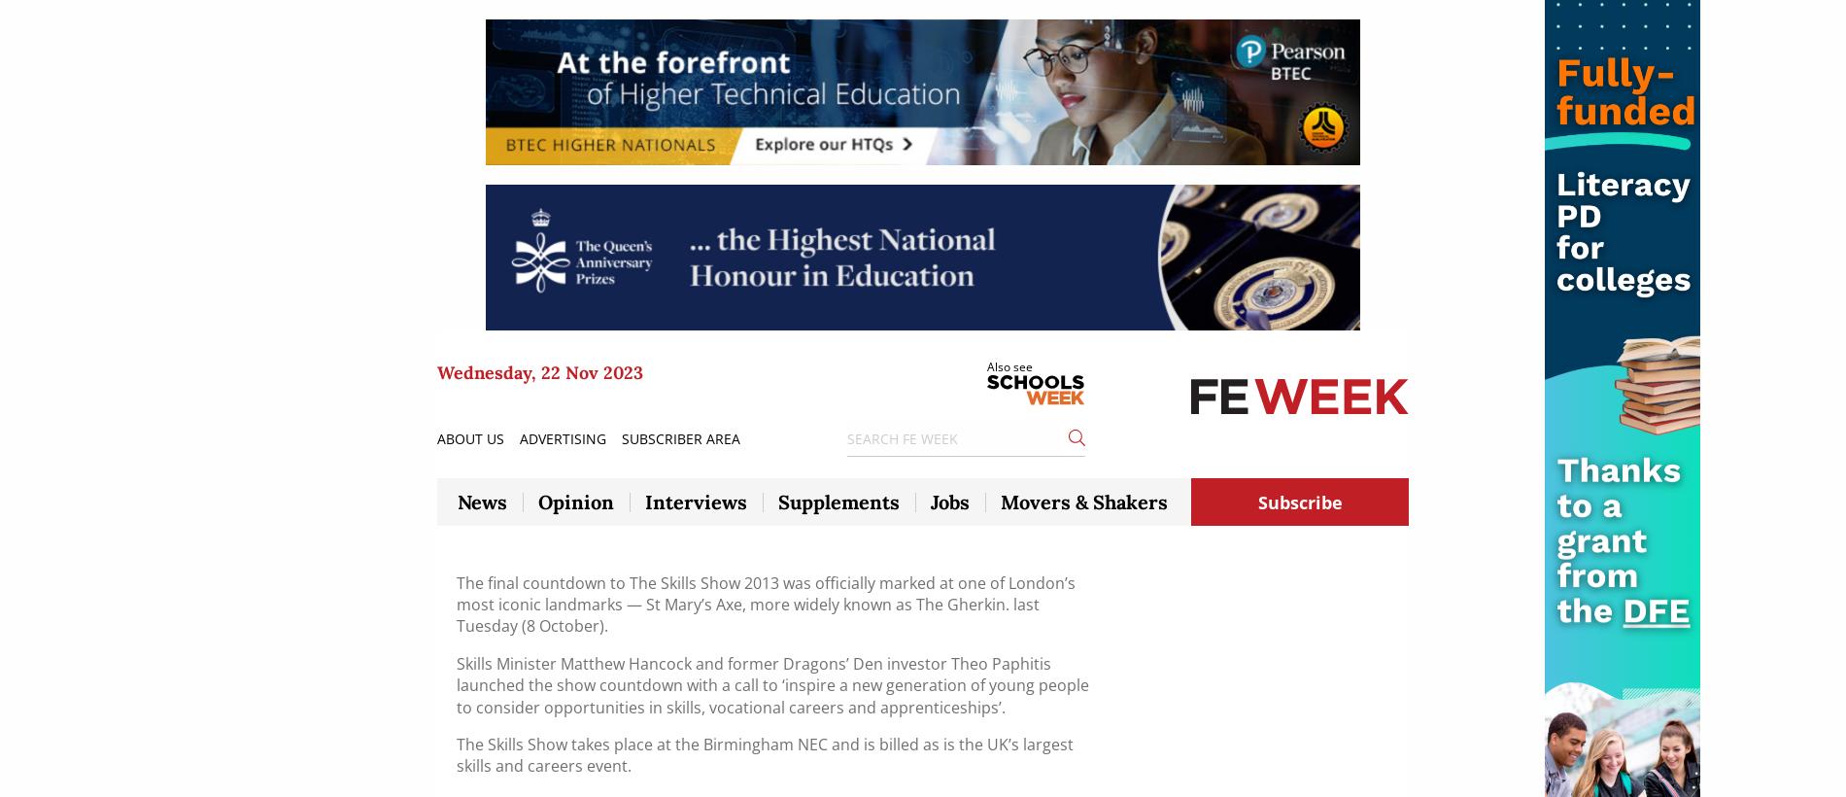 The image size is (1846, 797). Describe the element at coordinates (539, 371) in the screenshot. I see `'Wednesday, 22 Nov 2023'` at that location.